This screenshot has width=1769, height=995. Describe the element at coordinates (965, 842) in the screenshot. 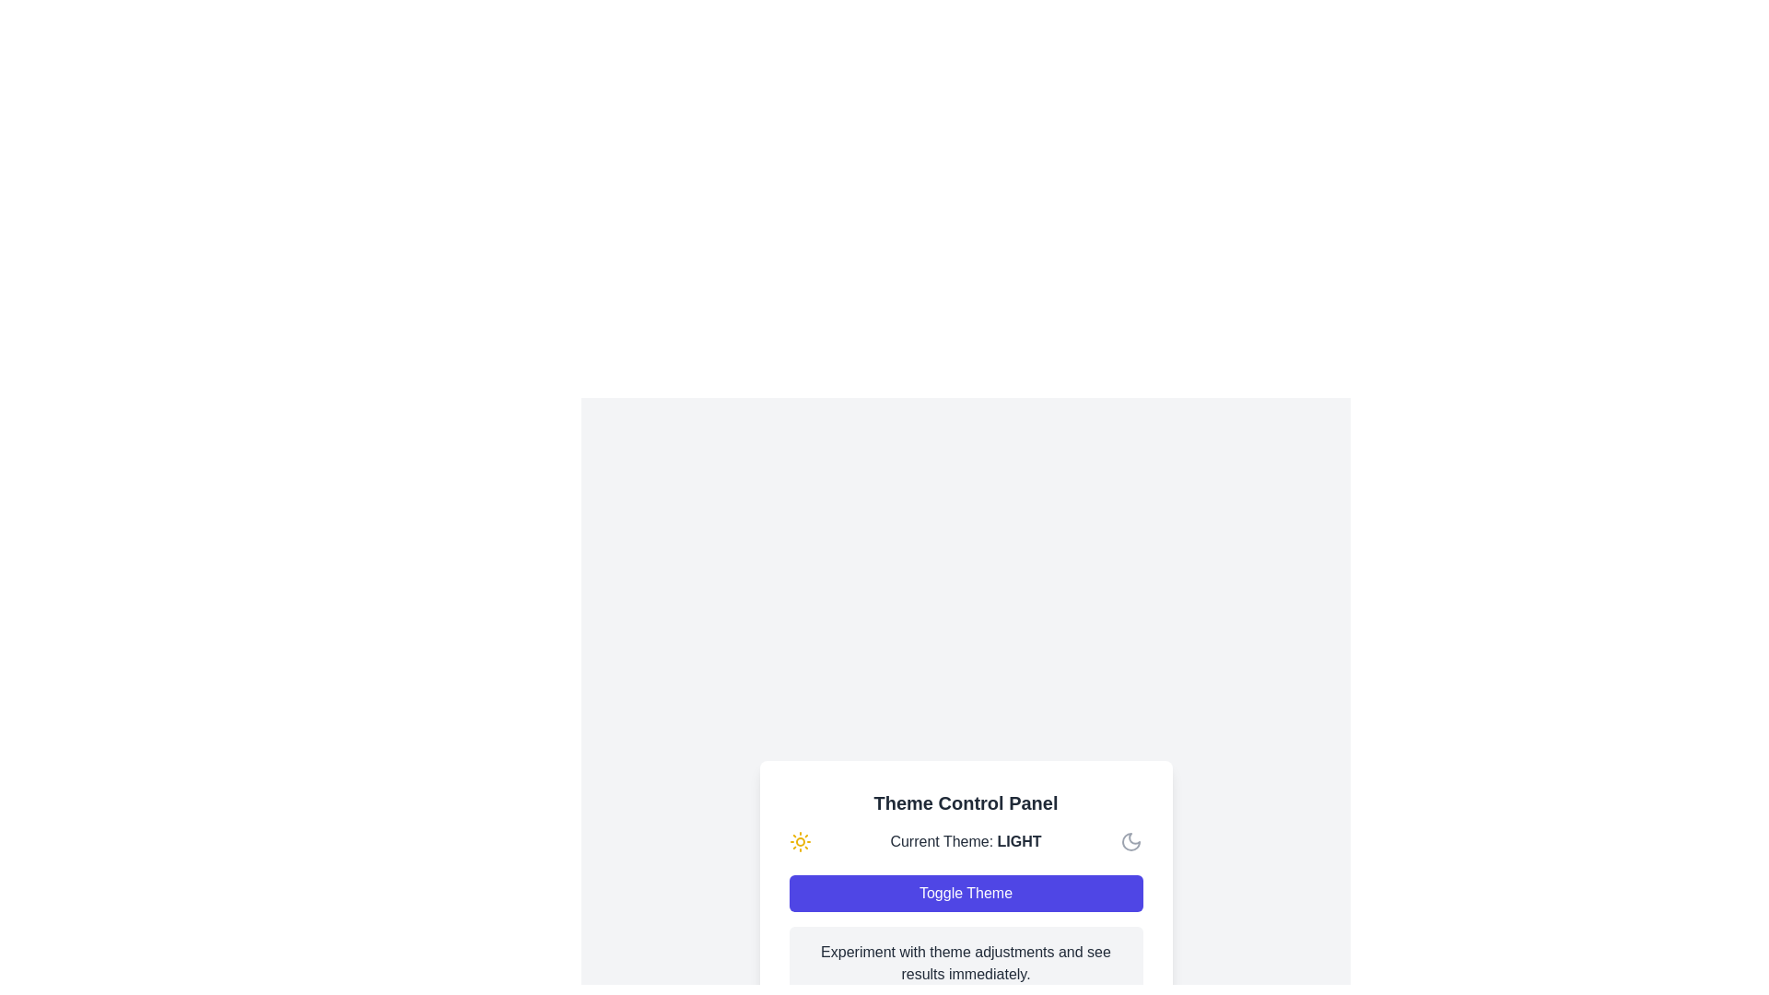

I see `the static text that indicates the current theme status, located above the 'Toggle Theme' button within the 'Theme Control Panel' card` at that location.